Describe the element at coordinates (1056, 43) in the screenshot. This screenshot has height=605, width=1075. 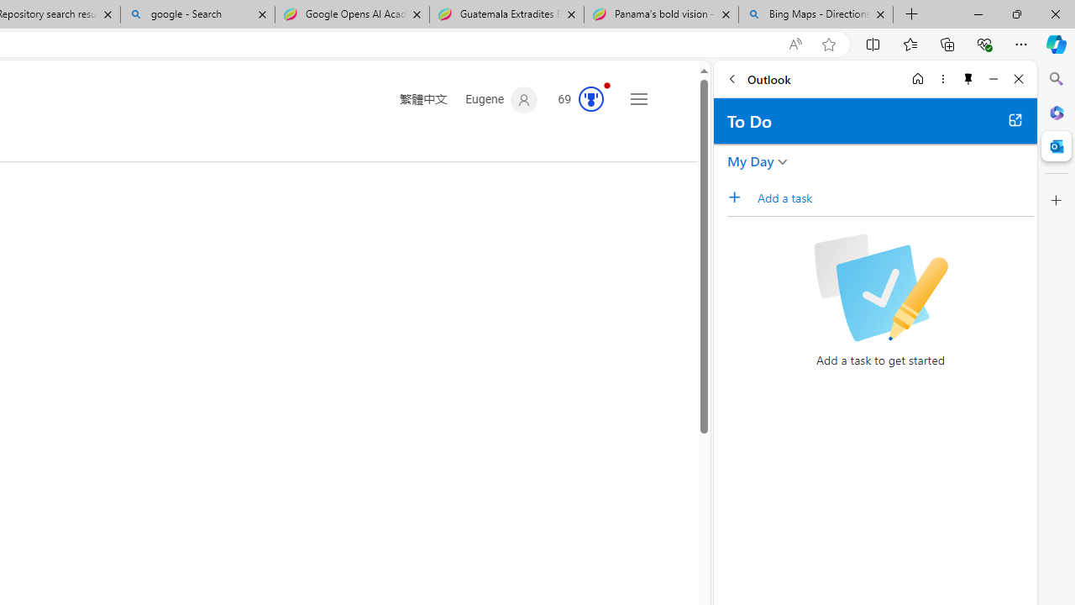
I see `'Copilot (Ctrl+Shift+.)'` at that location.